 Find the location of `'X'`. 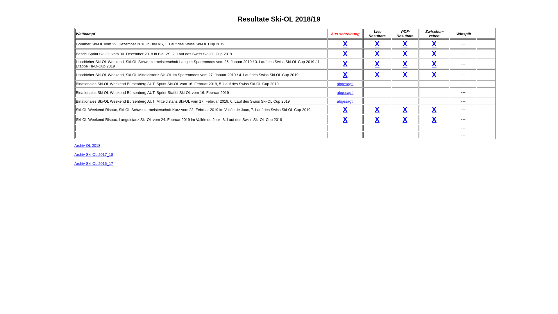

'X' is located at coordinates (405, 119).